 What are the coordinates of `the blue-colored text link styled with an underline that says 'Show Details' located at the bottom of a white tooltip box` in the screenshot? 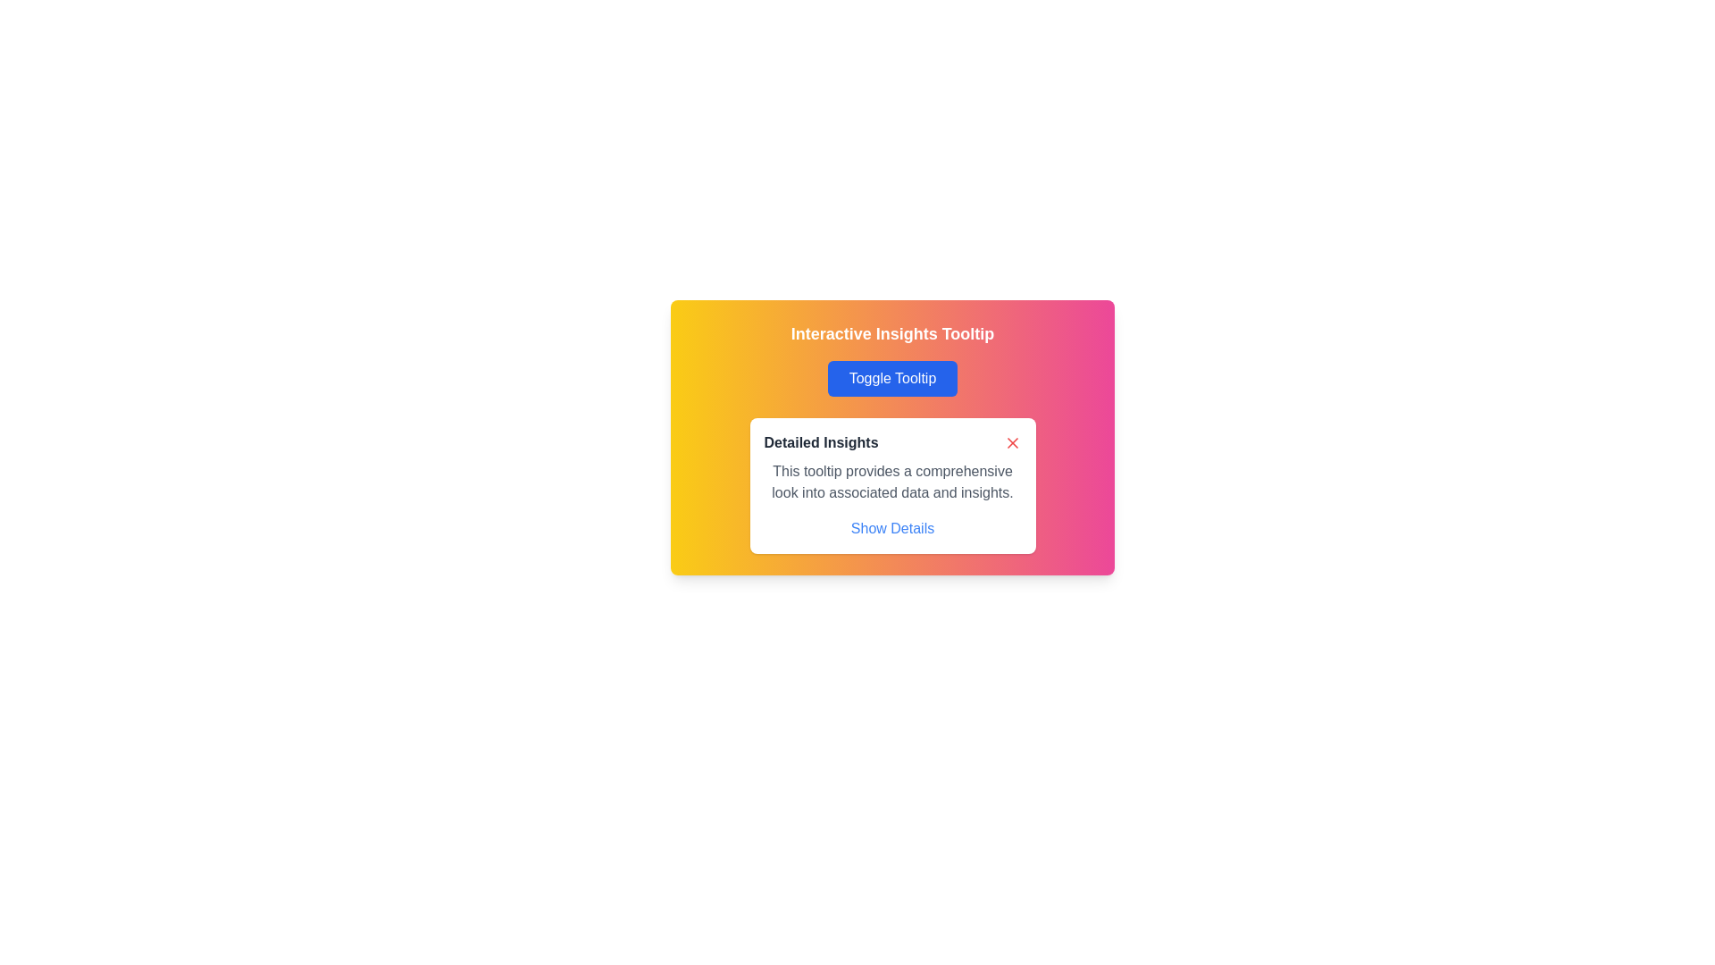 It's located at (892, 527).